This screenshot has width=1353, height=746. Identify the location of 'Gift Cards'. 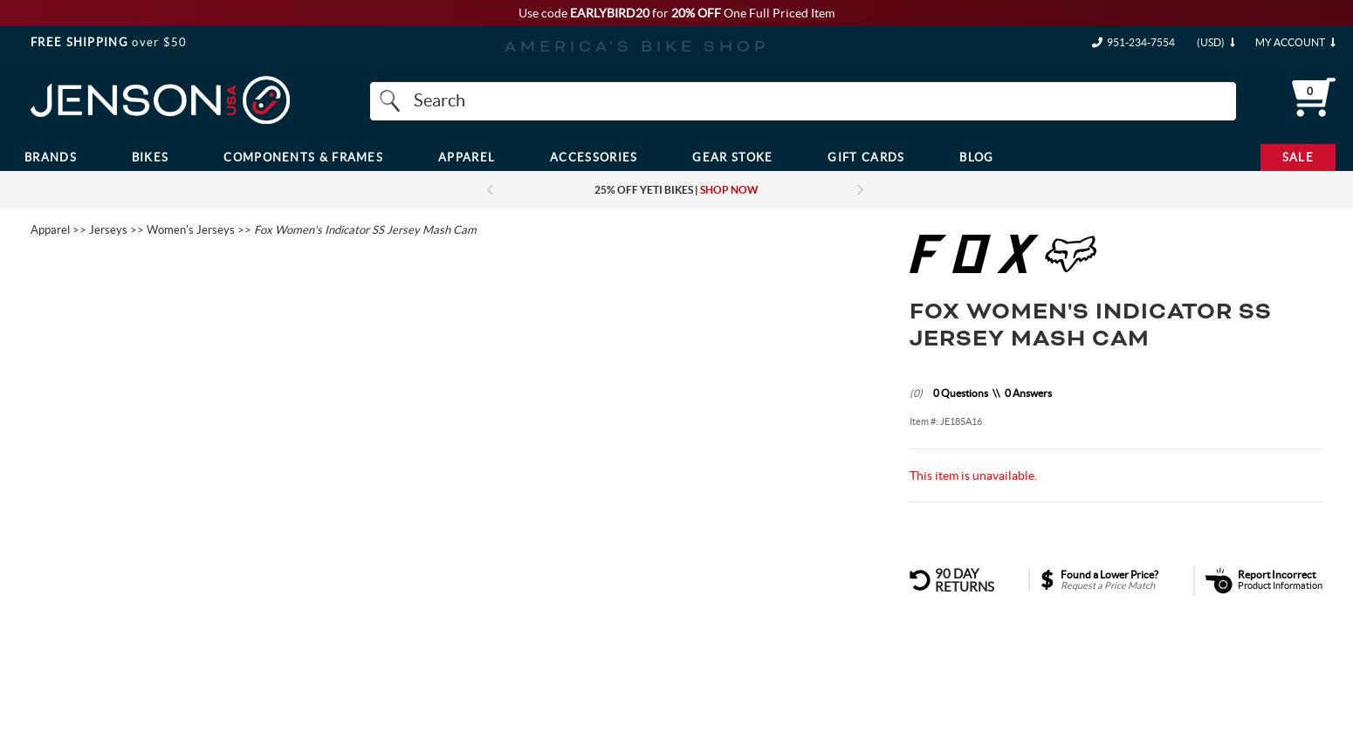
(865, 155).